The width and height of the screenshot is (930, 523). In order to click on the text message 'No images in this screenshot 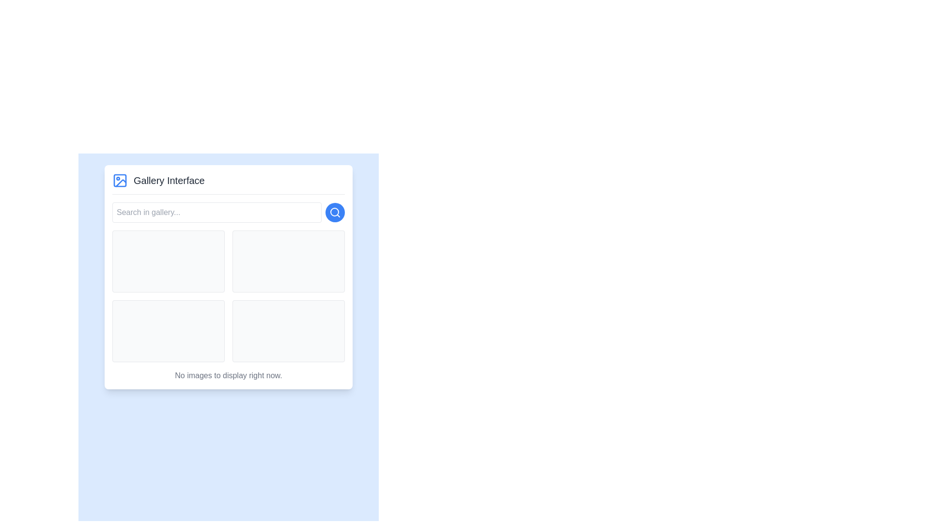, I will do `click(228, 375)`.